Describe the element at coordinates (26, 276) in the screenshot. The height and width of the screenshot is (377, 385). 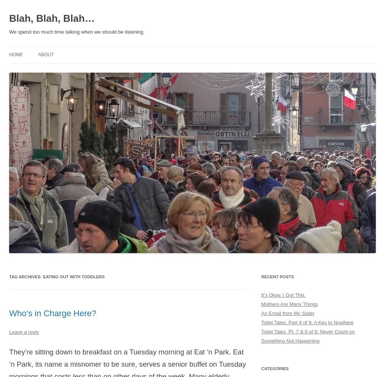
I see `'Tag Archives:'` at that location.